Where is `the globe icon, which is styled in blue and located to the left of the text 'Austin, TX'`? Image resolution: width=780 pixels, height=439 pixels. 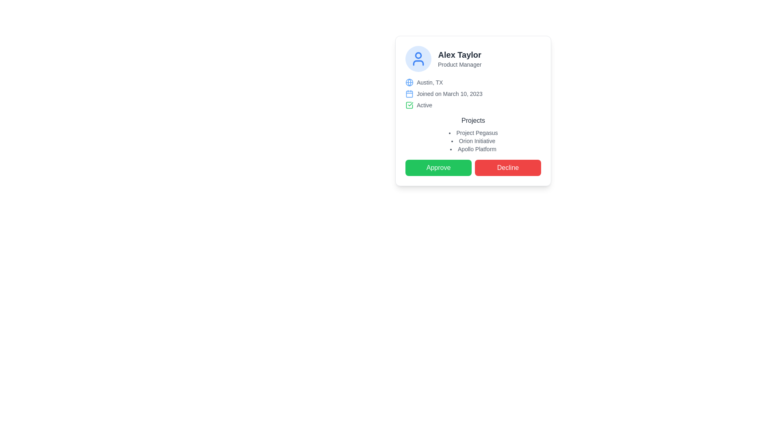
the globe icon, which is styled in blue and located to the left of the text 'Austin, TX' is located at coordinates (409, 83).